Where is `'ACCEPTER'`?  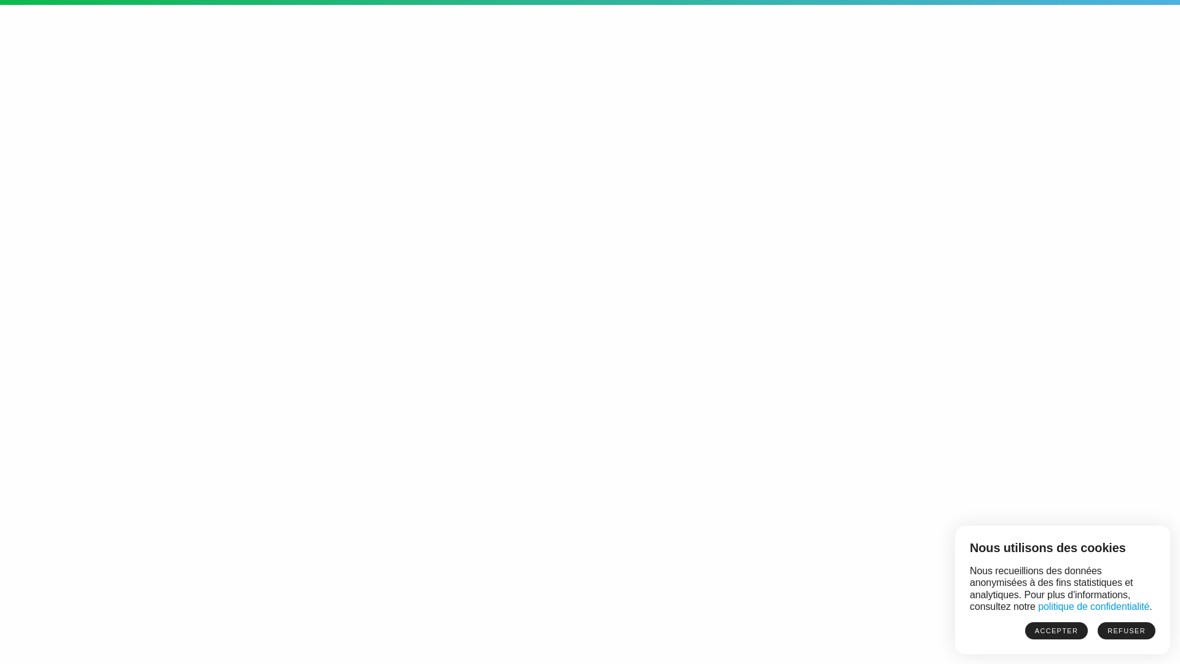
'ACCEPTER' is located at coordinates (1025, 631).